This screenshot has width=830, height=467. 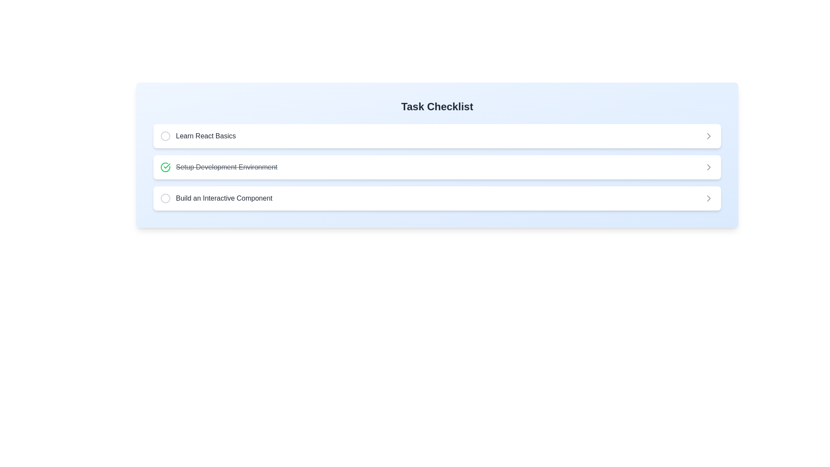 What do you see at coordinates (219, 167) in the screenshot?
I see `the text label 'Setup Development Environment' with a line-through style, which indicates a completed task, and is preceded by a green checkmark icon, located in the middle of the checklist` at bounding box center [219, 167].